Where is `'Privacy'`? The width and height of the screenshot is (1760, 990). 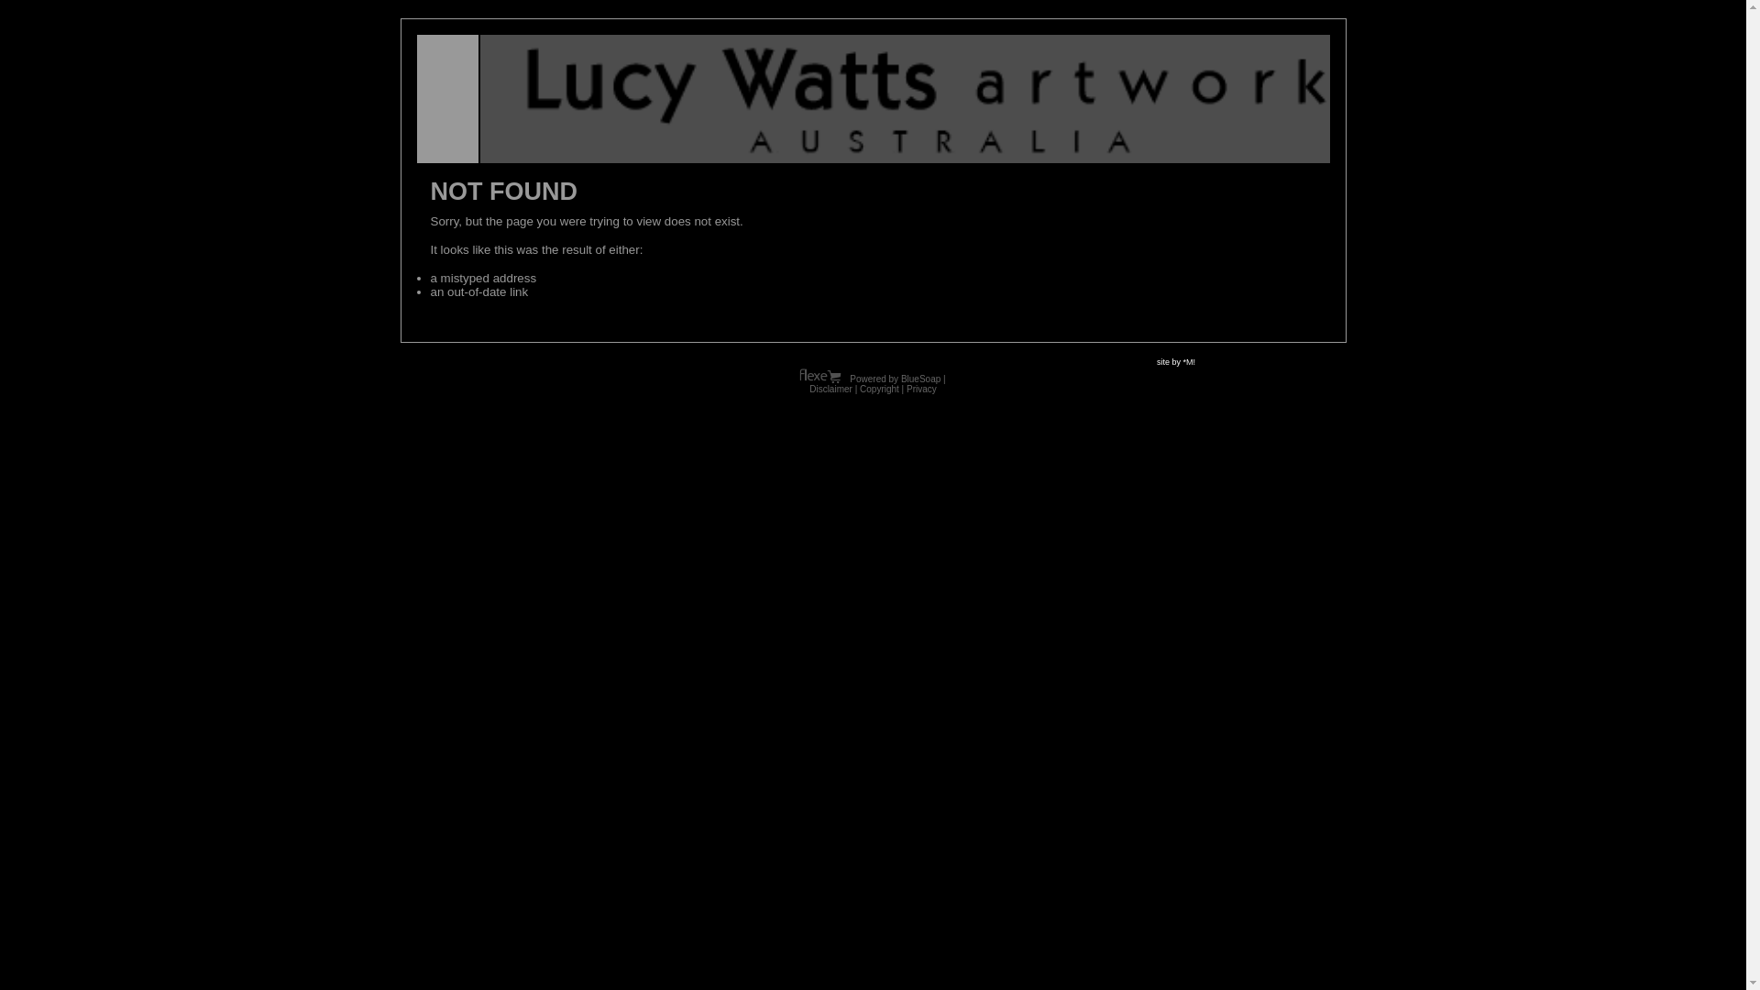
'Privacy' is located at coordinates (921, 388).